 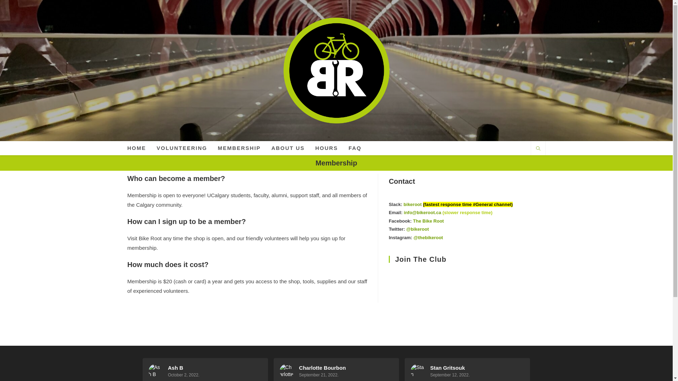 I want to click on 'MEMBERSHIP', so click(x=239, y=148).